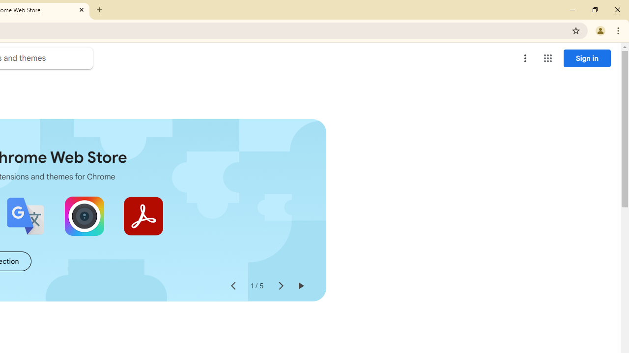 Image resolution: width=629 pixels, height=353 pixels. I want to click on 'Previous slide', so click(232, 286).